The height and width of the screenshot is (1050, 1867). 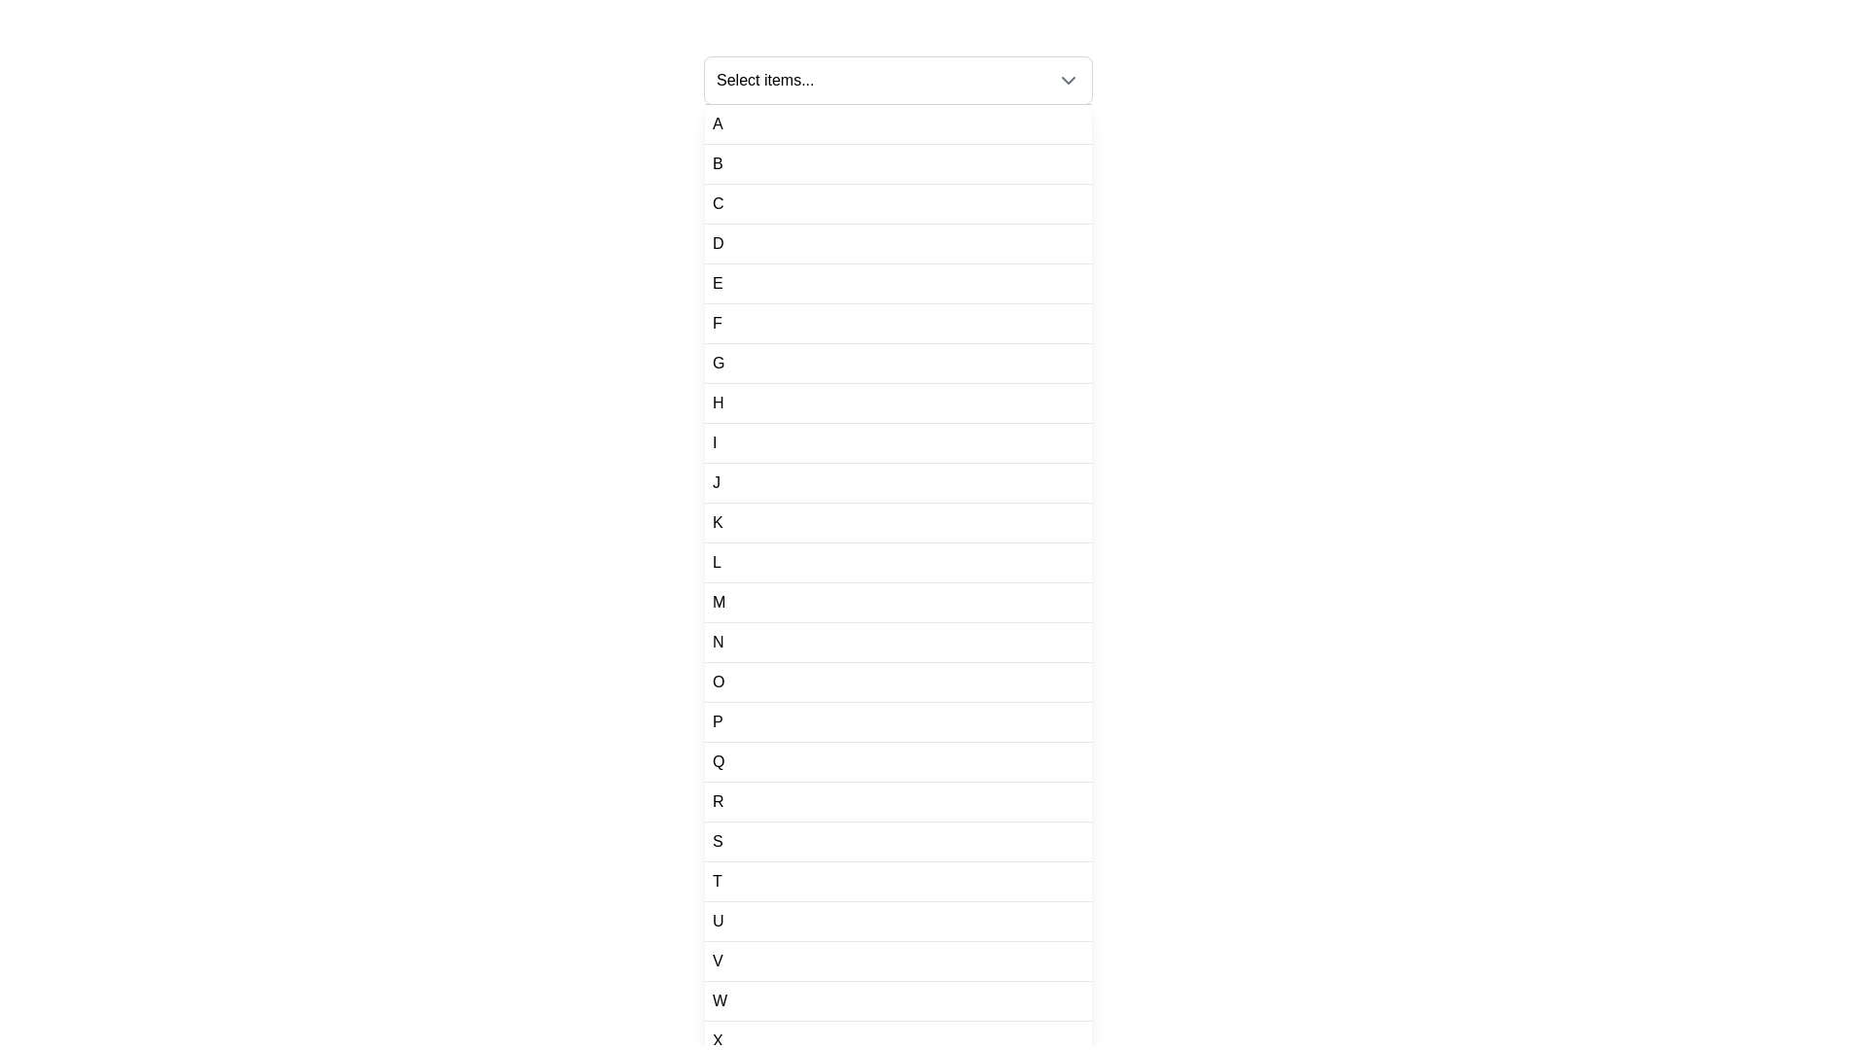 I want to click on the list item containing the letter 'U', so click(x=898, y=921).